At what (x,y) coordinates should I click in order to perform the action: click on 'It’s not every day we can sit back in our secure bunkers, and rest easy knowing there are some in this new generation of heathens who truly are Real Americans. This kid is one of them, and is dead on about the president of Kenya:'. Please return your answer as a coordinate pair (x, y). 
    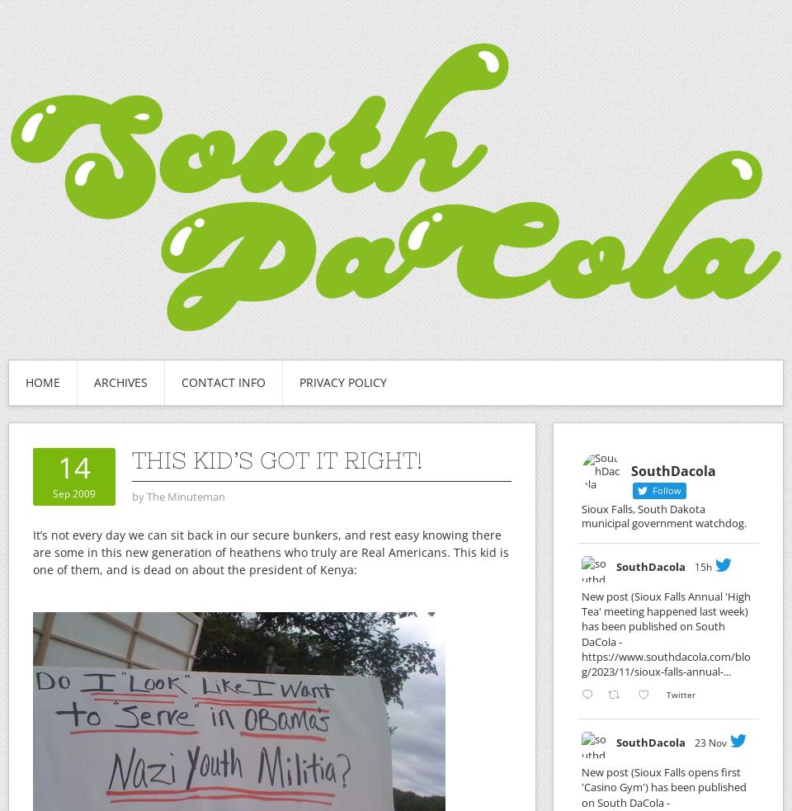
    Looking at the image, I should click on (271, 551).